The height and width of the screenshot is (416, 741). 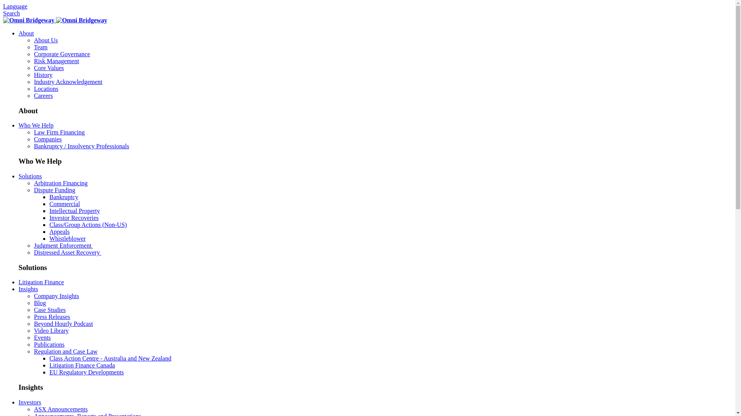 I want to click on 'Investors', so click(x=30, y=402).